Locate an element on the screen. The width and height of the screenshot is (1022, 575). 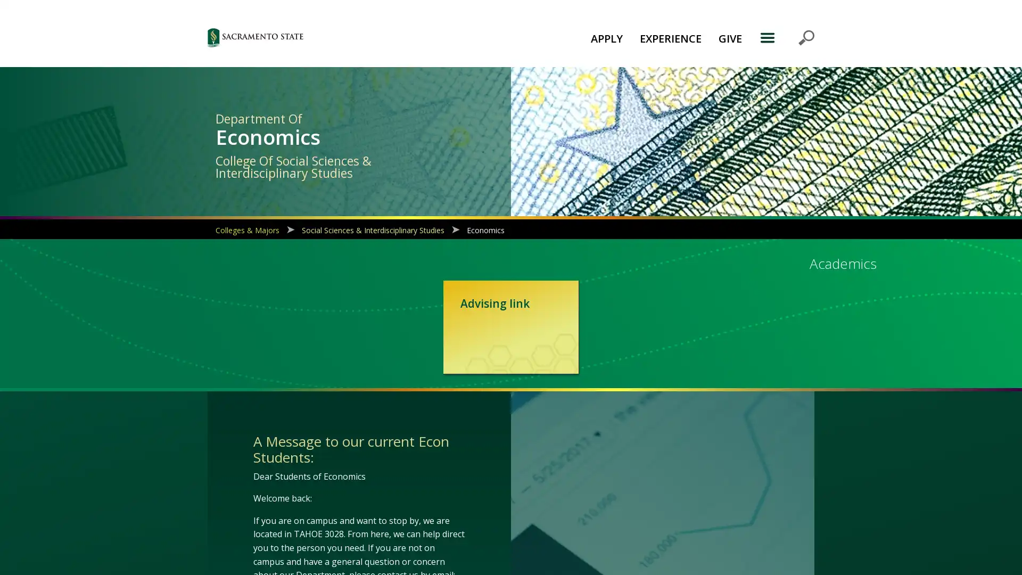
Sac State logo is located at coordinates (313, 37).